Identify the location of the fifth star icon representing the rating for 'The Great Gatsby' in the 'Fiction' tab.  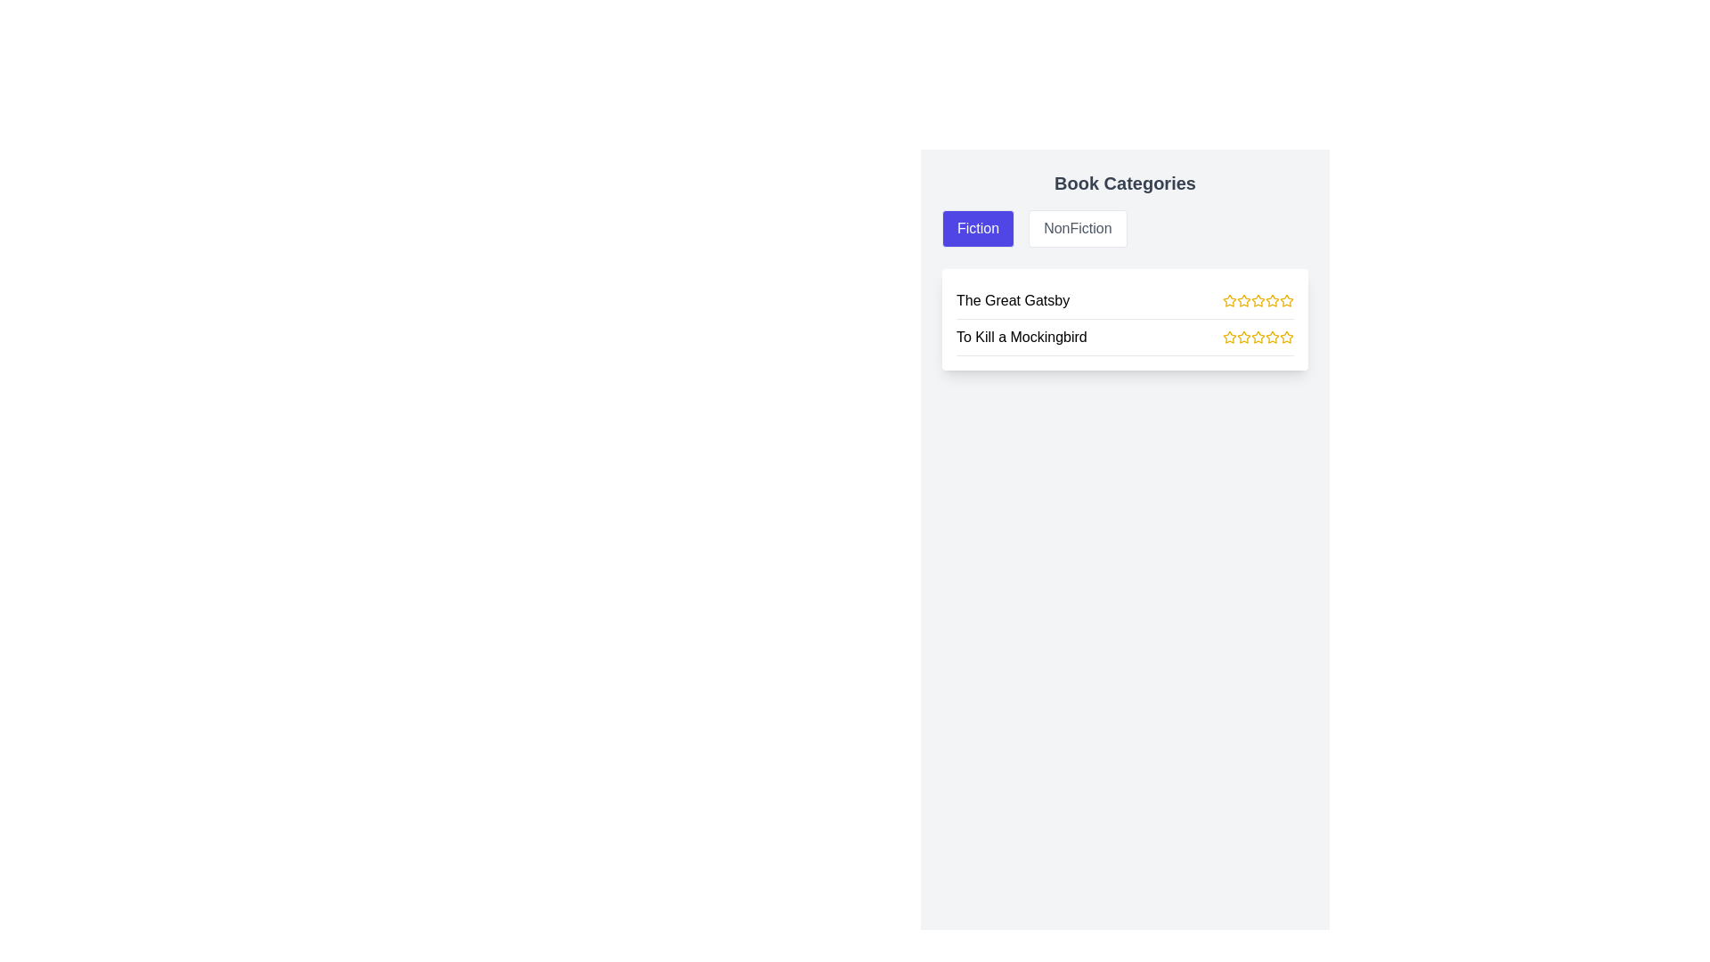
(1272, 300).